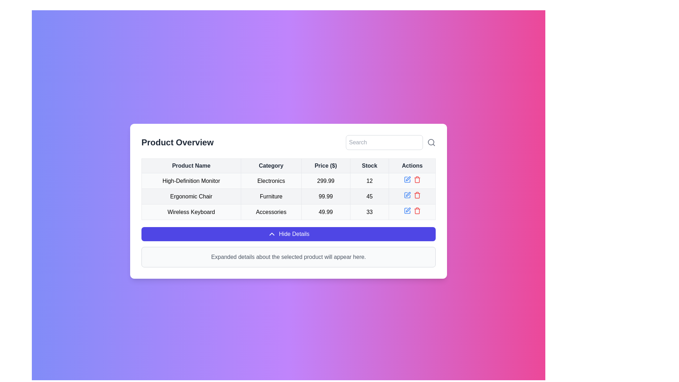 The width and height of the screenshot is (679, 382). I want to click on the circular component of the search icon within the SVG graphic, located at the top-right corner of the table layout, so click(431, 142).